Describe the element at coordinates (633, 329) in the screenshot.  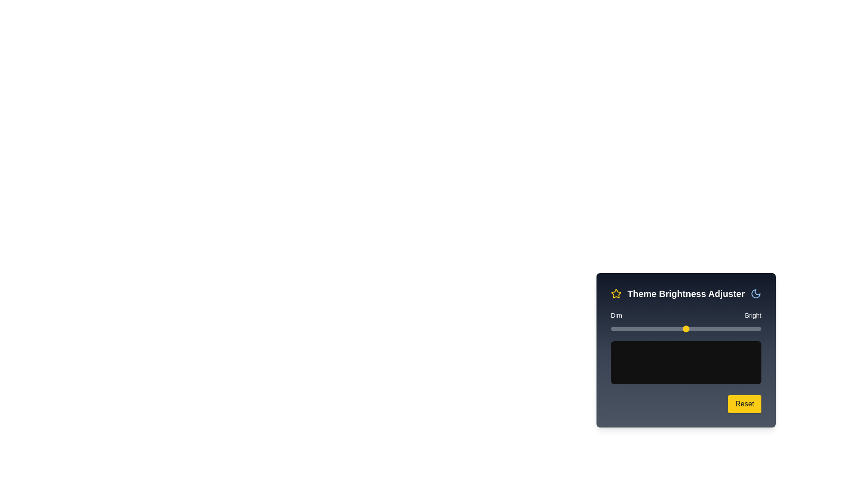
I see `the brightness slider to set the brightness to 15%` at that location.